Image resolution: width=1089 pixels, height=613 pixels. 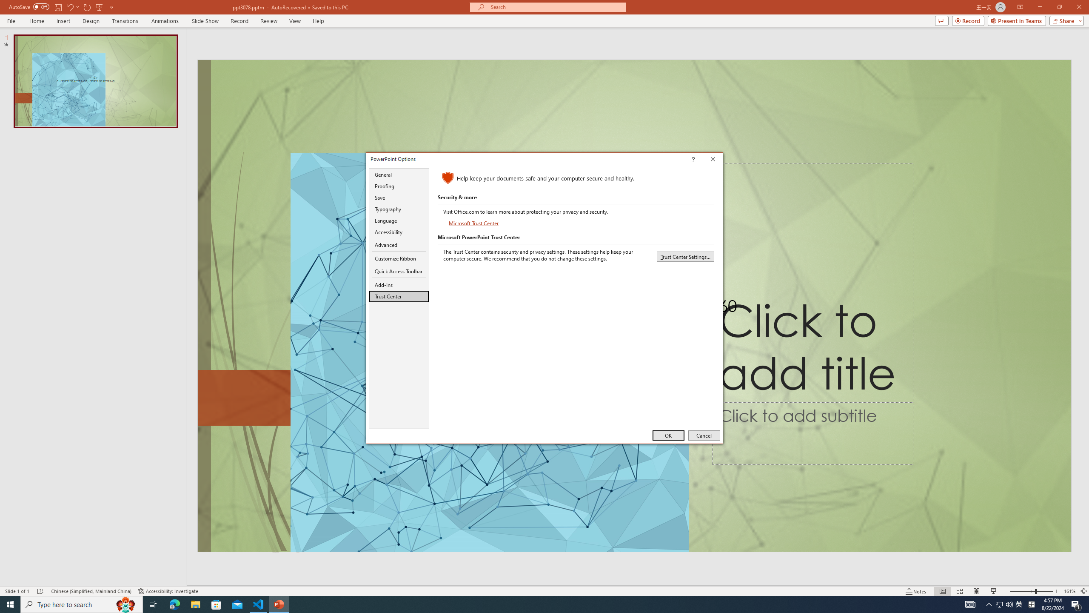 What do you see at coordinates (668, 435) in the screenshot?
I see `'OK'` at bounding box center [668, 435].